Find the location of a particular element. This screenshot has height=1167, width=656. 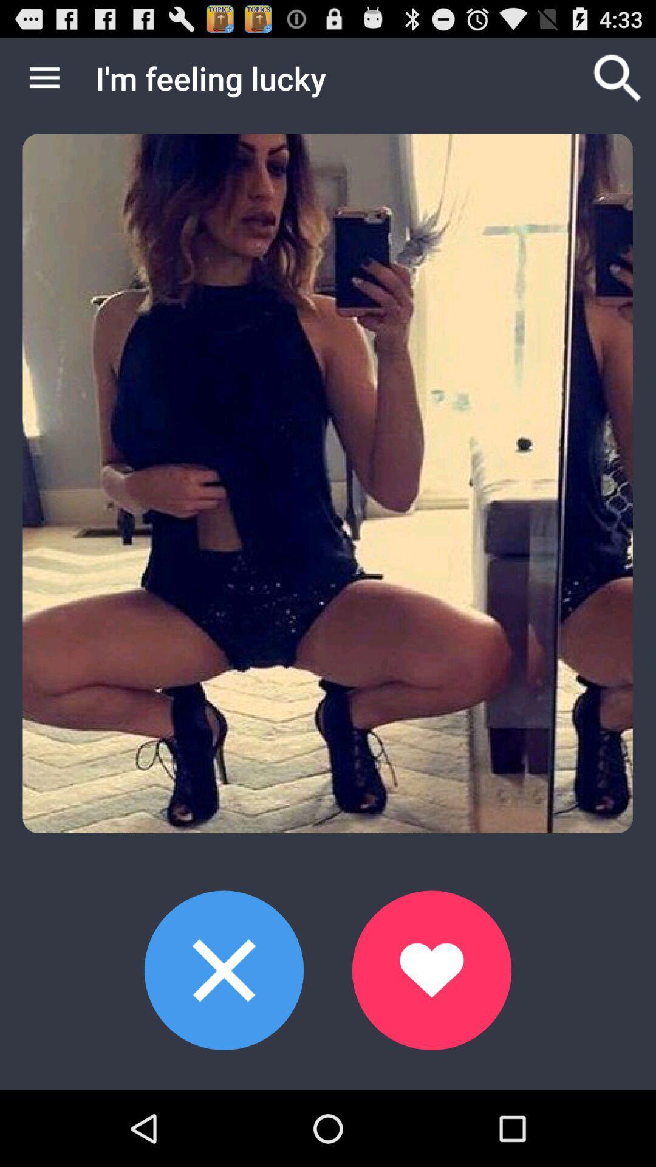

accept is located at coordinates (431, 969).